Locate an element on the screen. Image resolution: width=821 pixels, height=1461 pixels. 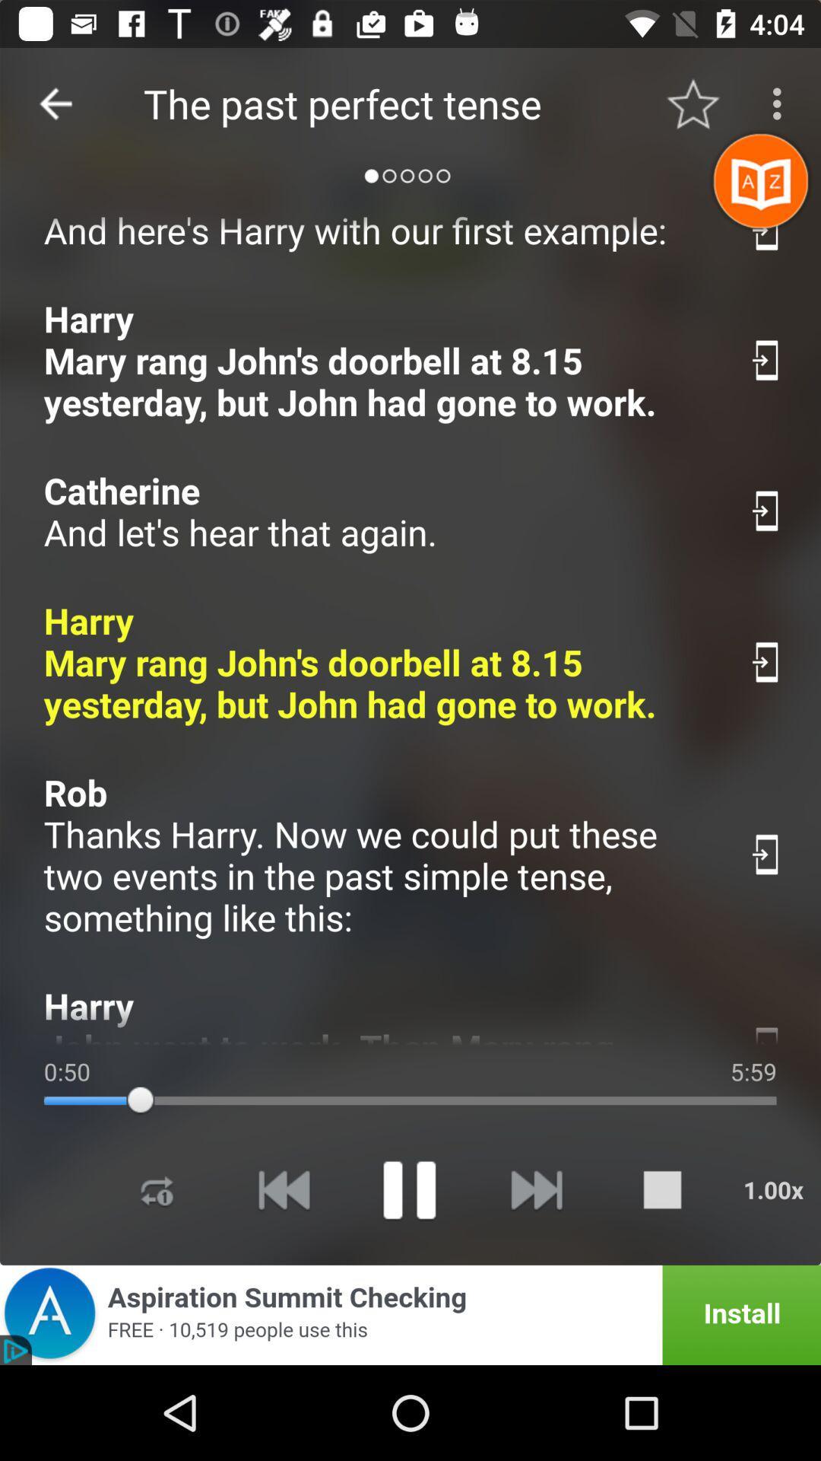
una buena manera de leer is located at coordinates (767, 229).